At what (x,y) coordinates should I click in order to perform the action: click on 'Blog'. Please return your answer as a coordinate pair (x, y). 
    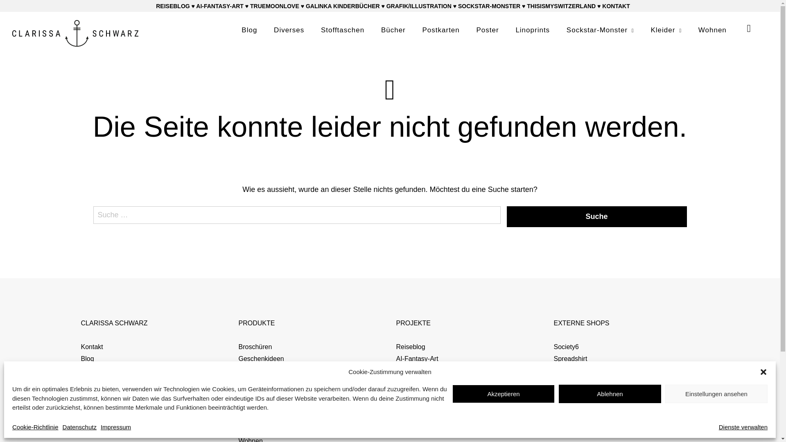
    Looking at the image, I should click on (249, 29).